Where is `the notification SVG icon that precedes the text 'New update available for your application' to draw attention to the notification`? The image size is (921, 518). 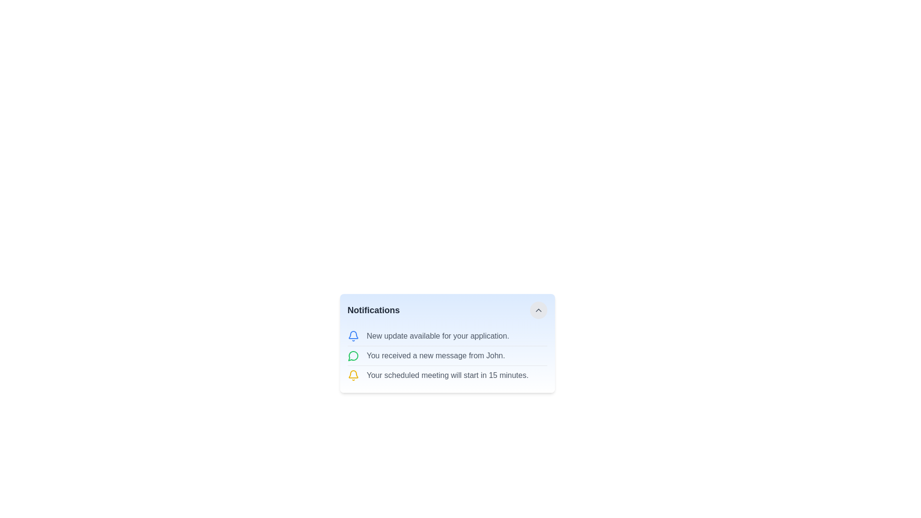 the notification SVG icon that precedes the text 'New update available for your application' to draw attention to the notification is located at coordinates (353, 336).